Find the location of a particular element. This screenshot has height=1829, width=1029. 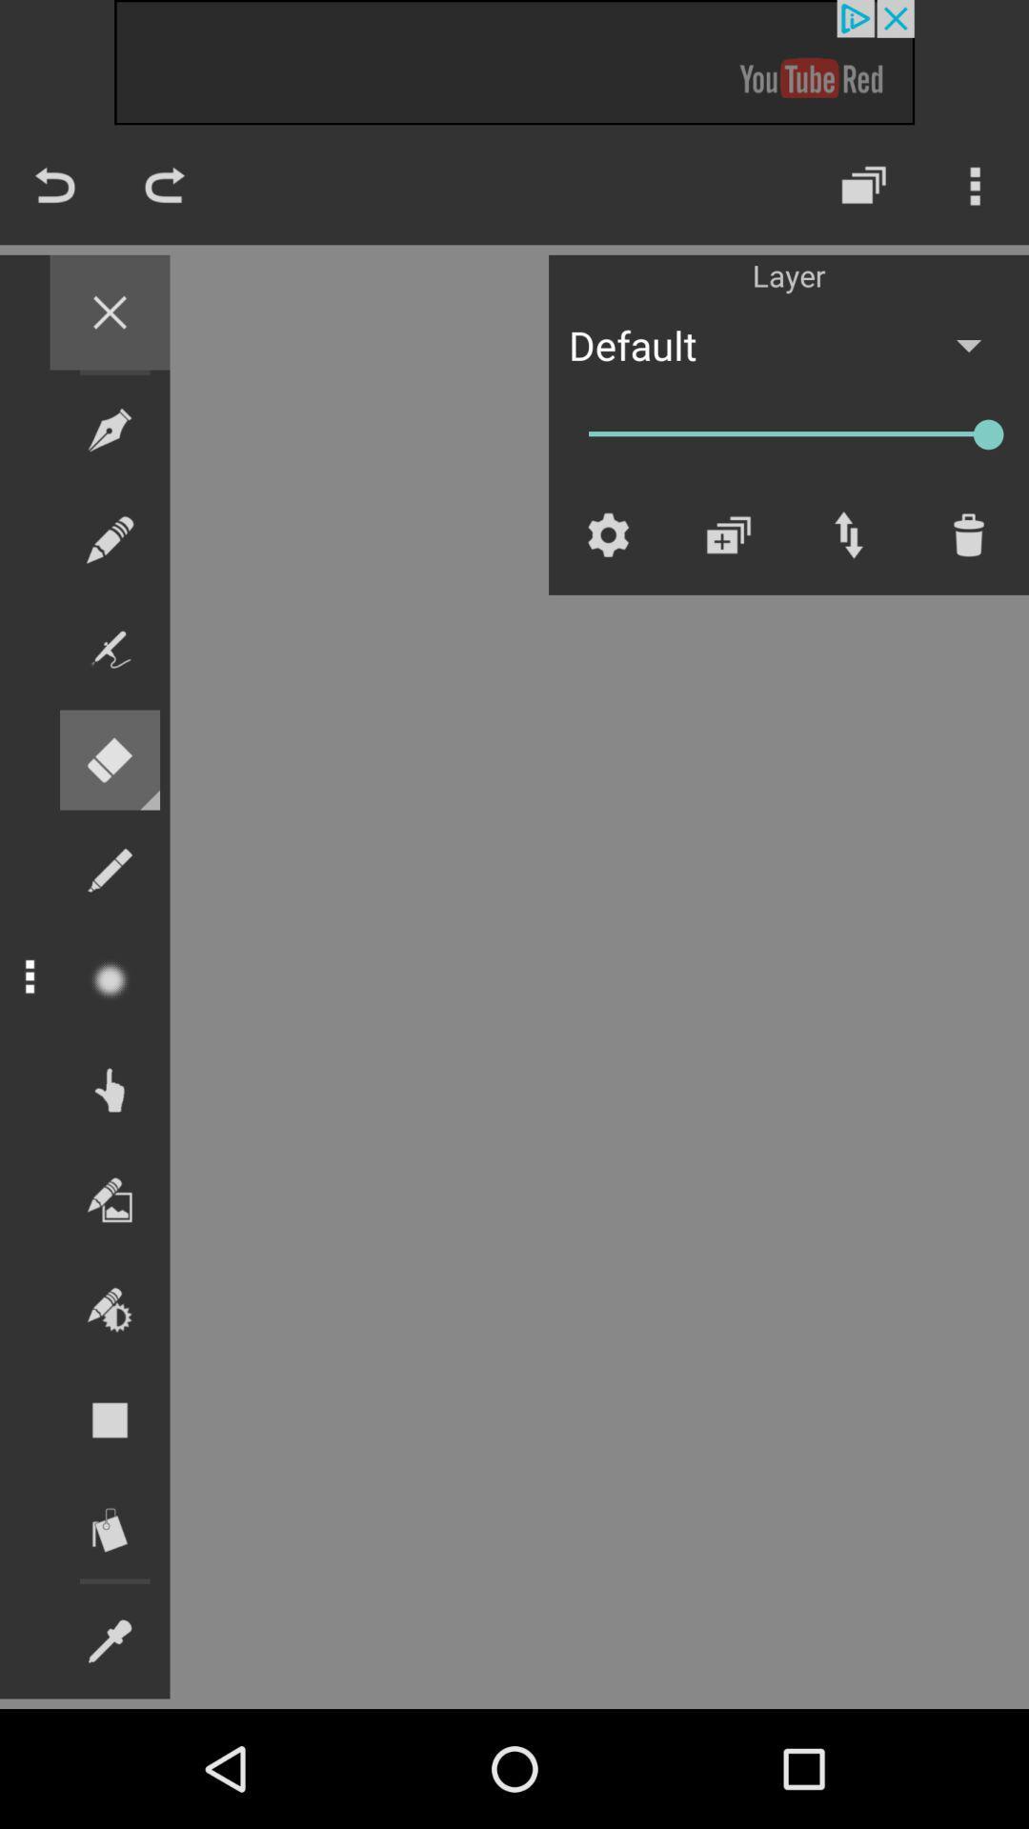

the layers icon is located at coordinates (863, 185).